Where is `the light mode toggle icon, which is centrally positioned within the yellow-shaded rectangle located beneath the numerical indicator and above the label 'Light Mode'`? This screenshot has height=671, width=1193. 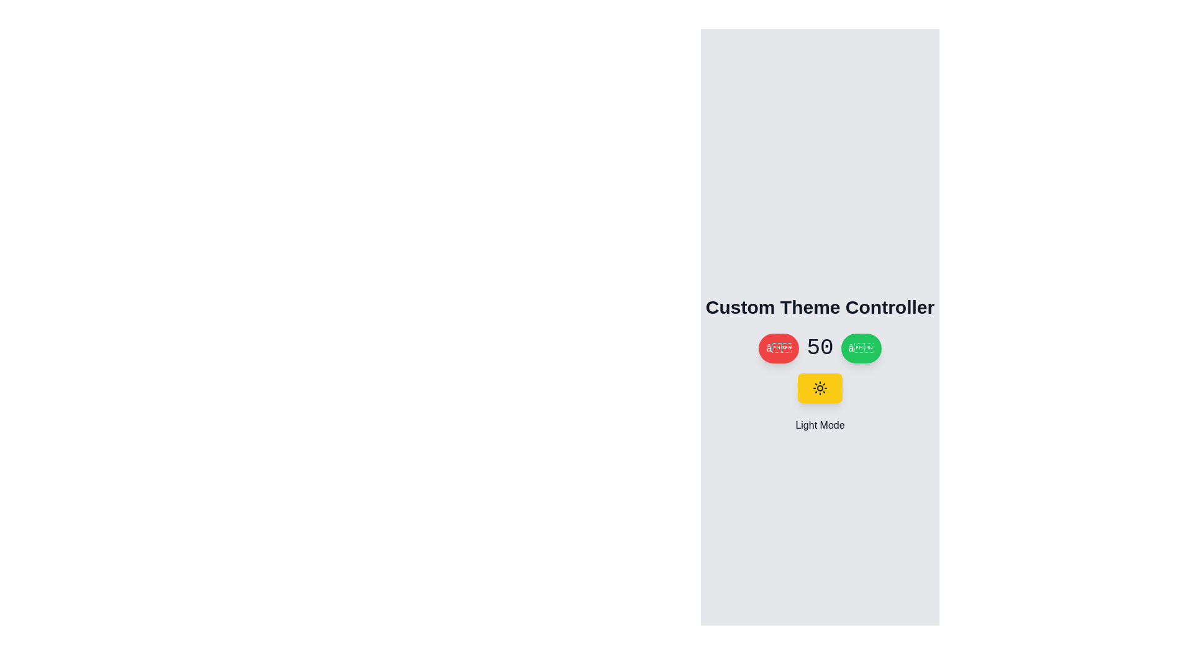 the light mode toggle icon, which is centrally positioned within the yellow-shaded rectangle located beneath the numerical indicator and above the label 'Light Mode' is located at coordinates (820, 387).